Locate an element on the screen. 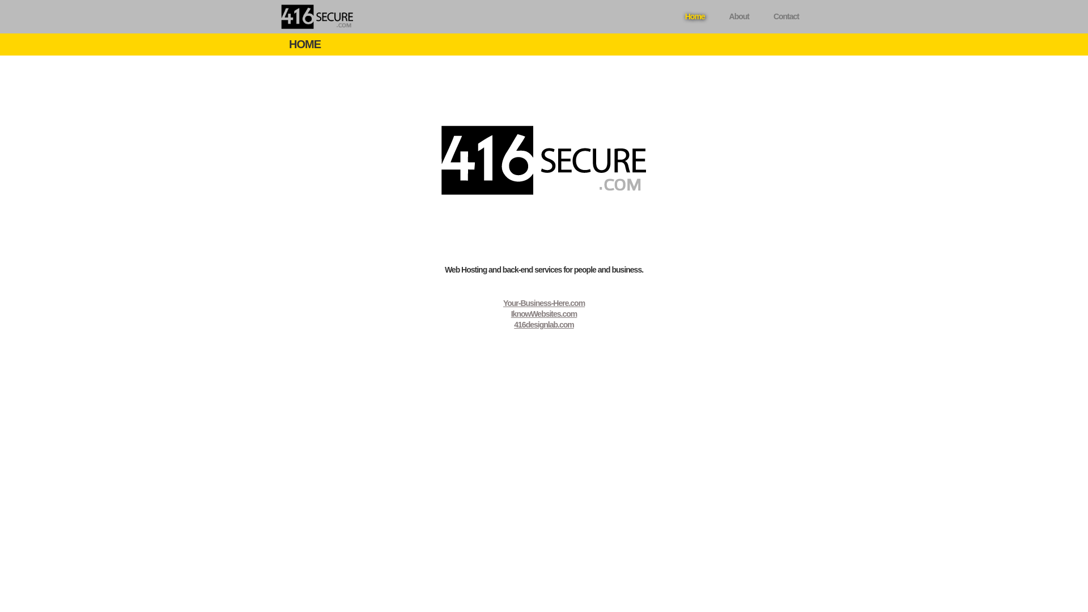  '416designlab.com' is located at coordinates (544, 325).